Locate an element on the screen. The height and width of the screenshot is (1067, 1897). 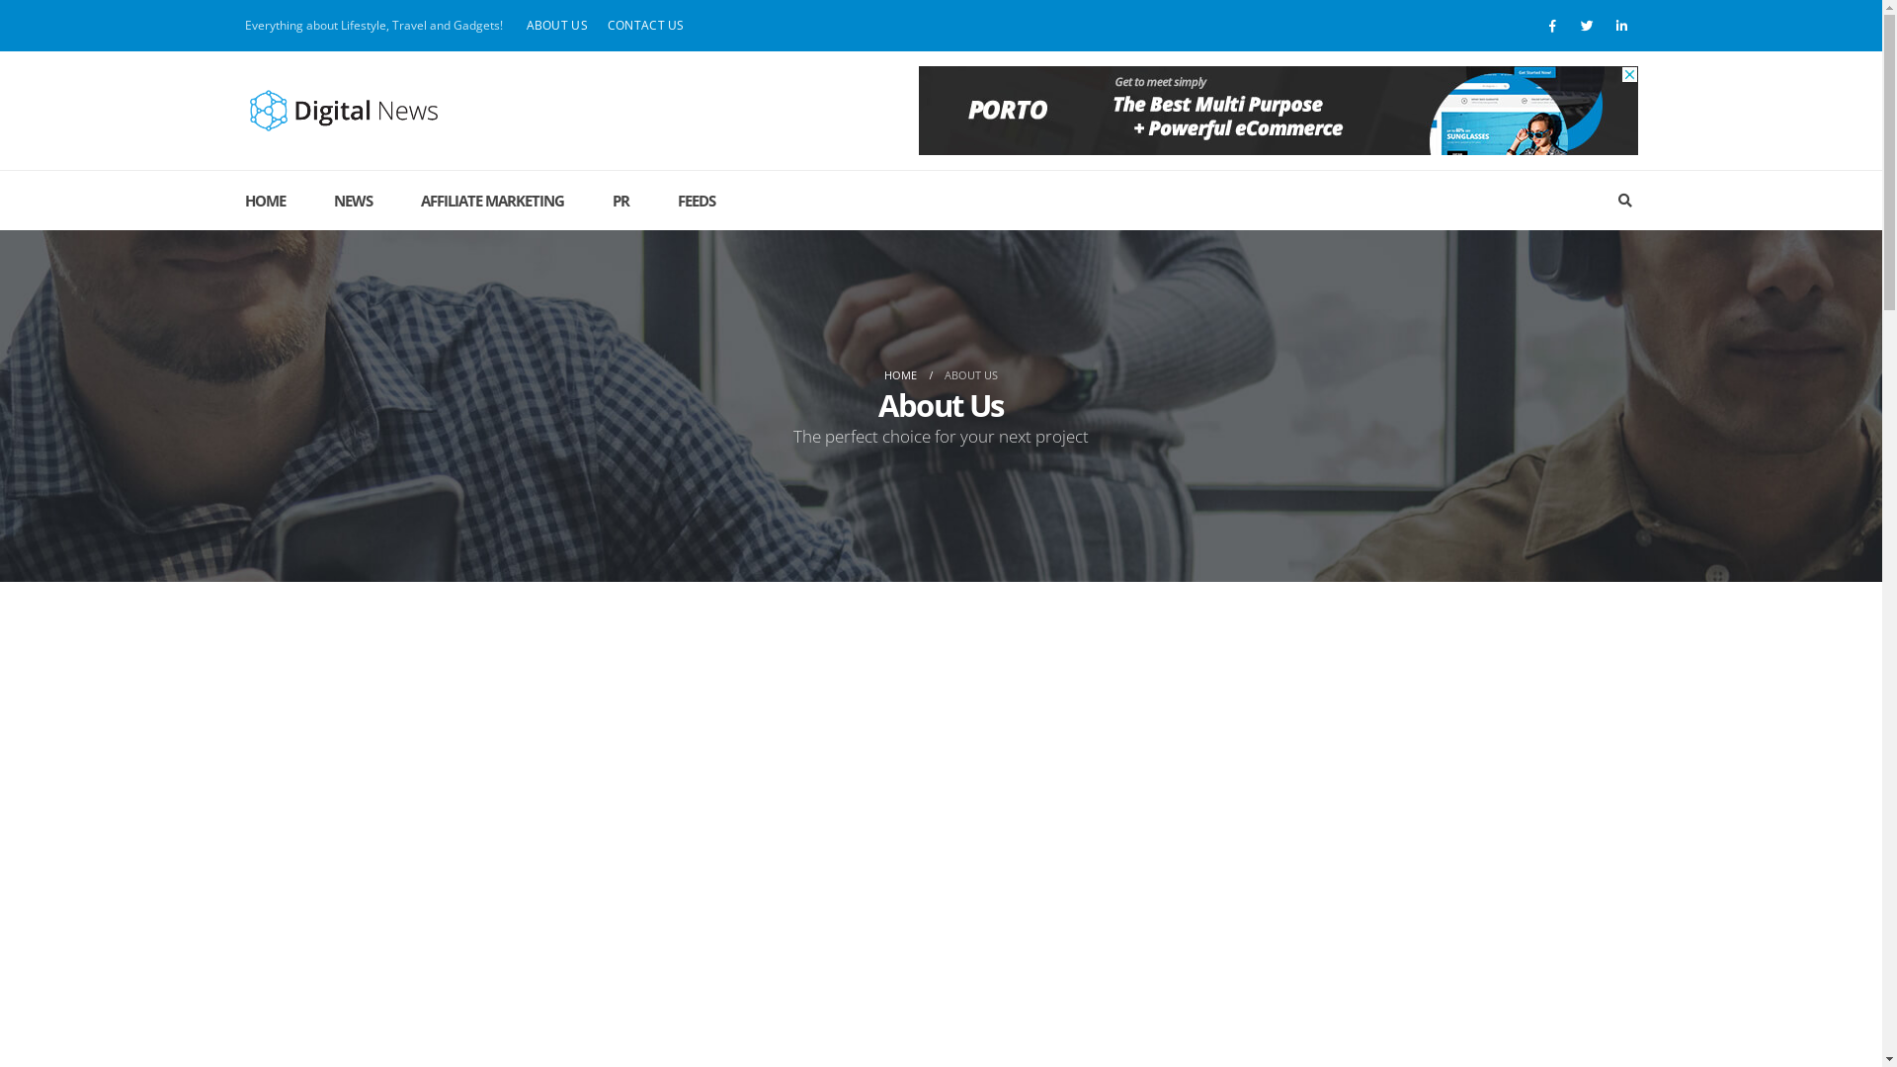
'NEWS' is located at coordinates (353, 201).